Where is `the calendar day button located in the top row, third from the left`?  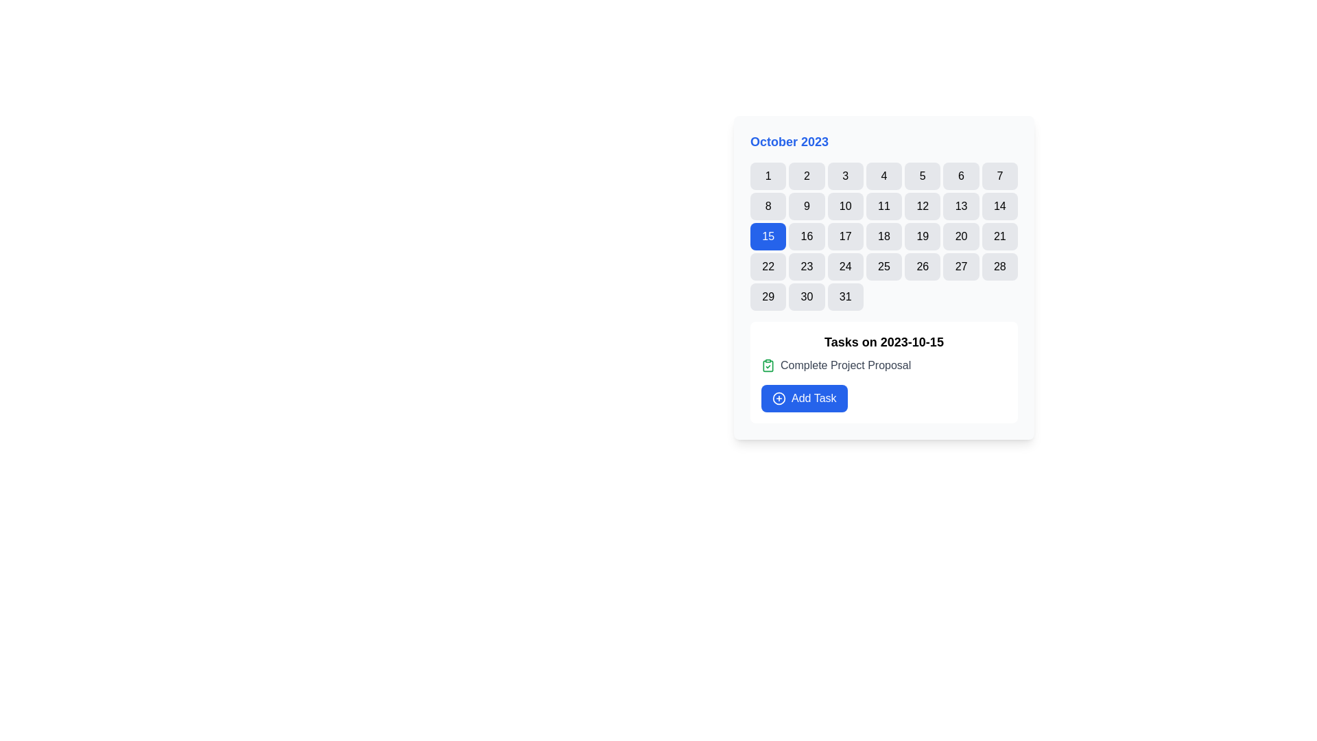
the calendar day button located in the top row, third from the left is located at coordinates (844, 176).